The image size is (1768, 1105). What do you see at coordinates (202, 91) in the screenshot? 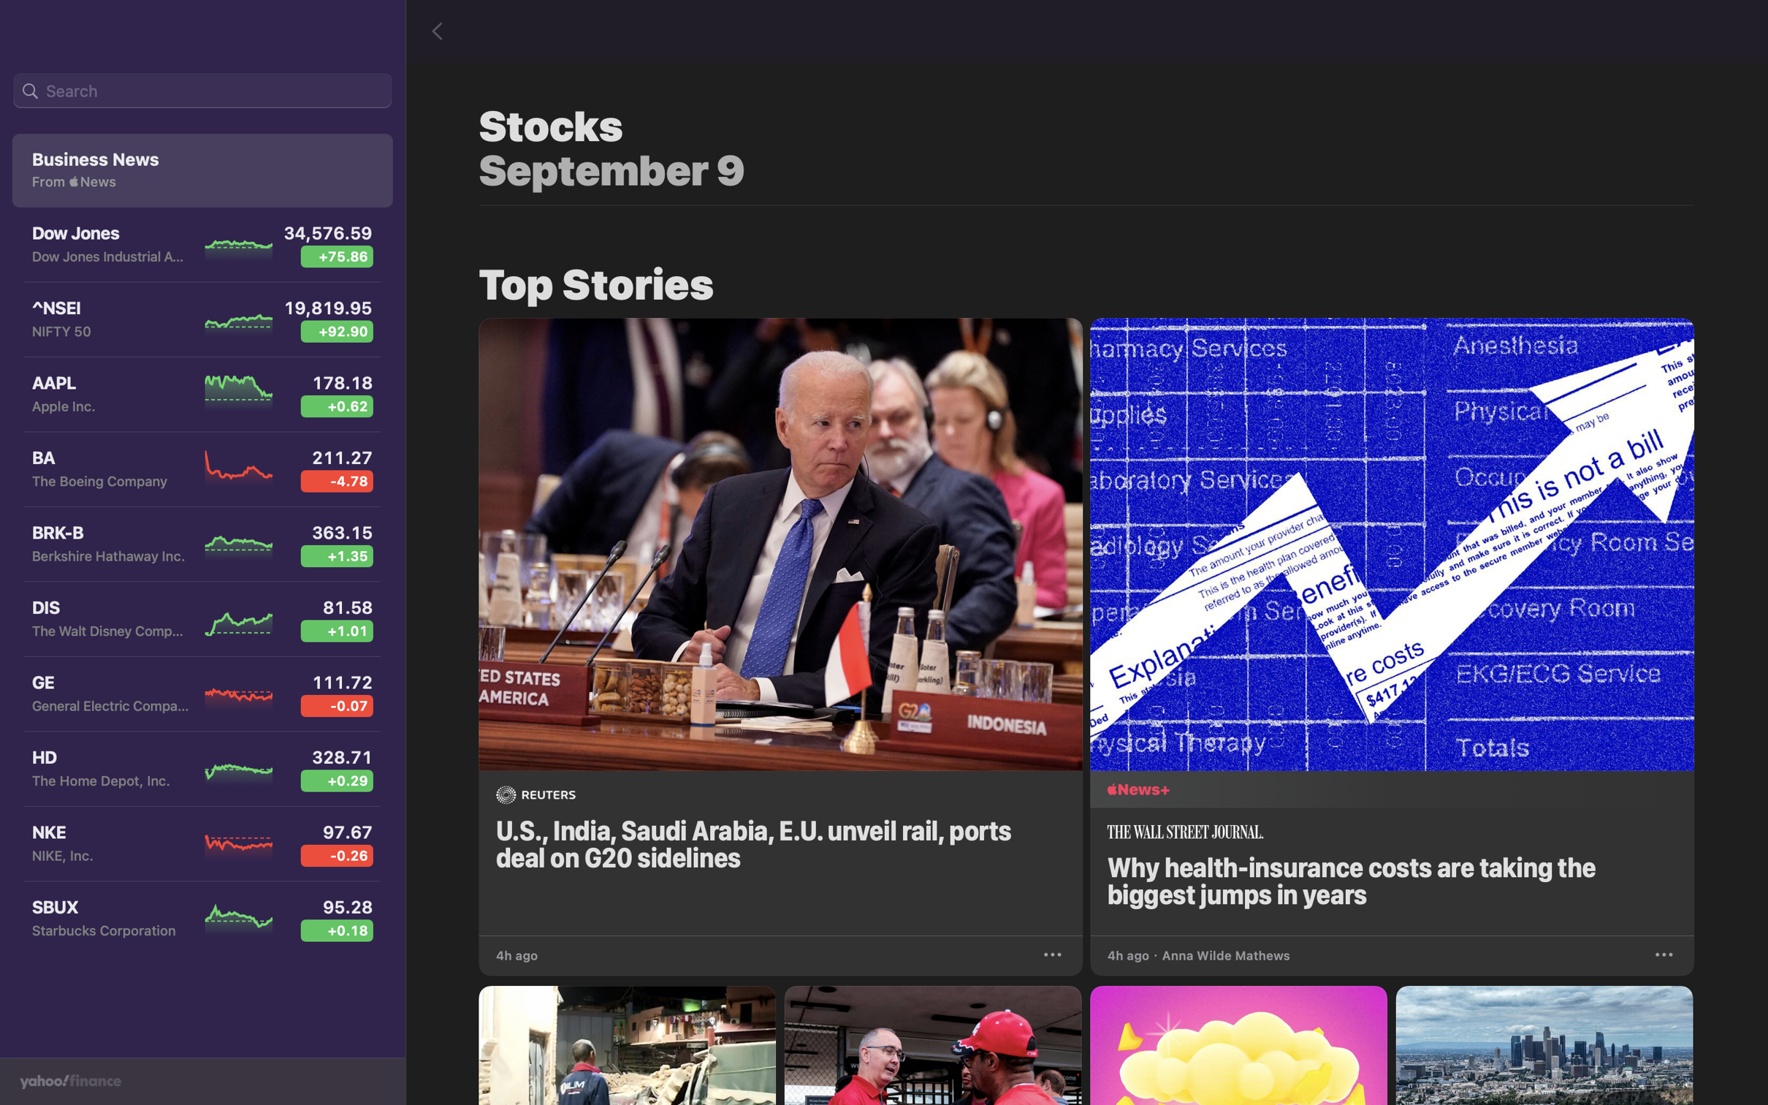
I see `In the top left"s search field, type in "Apple Inc" to check its stock index` at bounding box center [202, 91].